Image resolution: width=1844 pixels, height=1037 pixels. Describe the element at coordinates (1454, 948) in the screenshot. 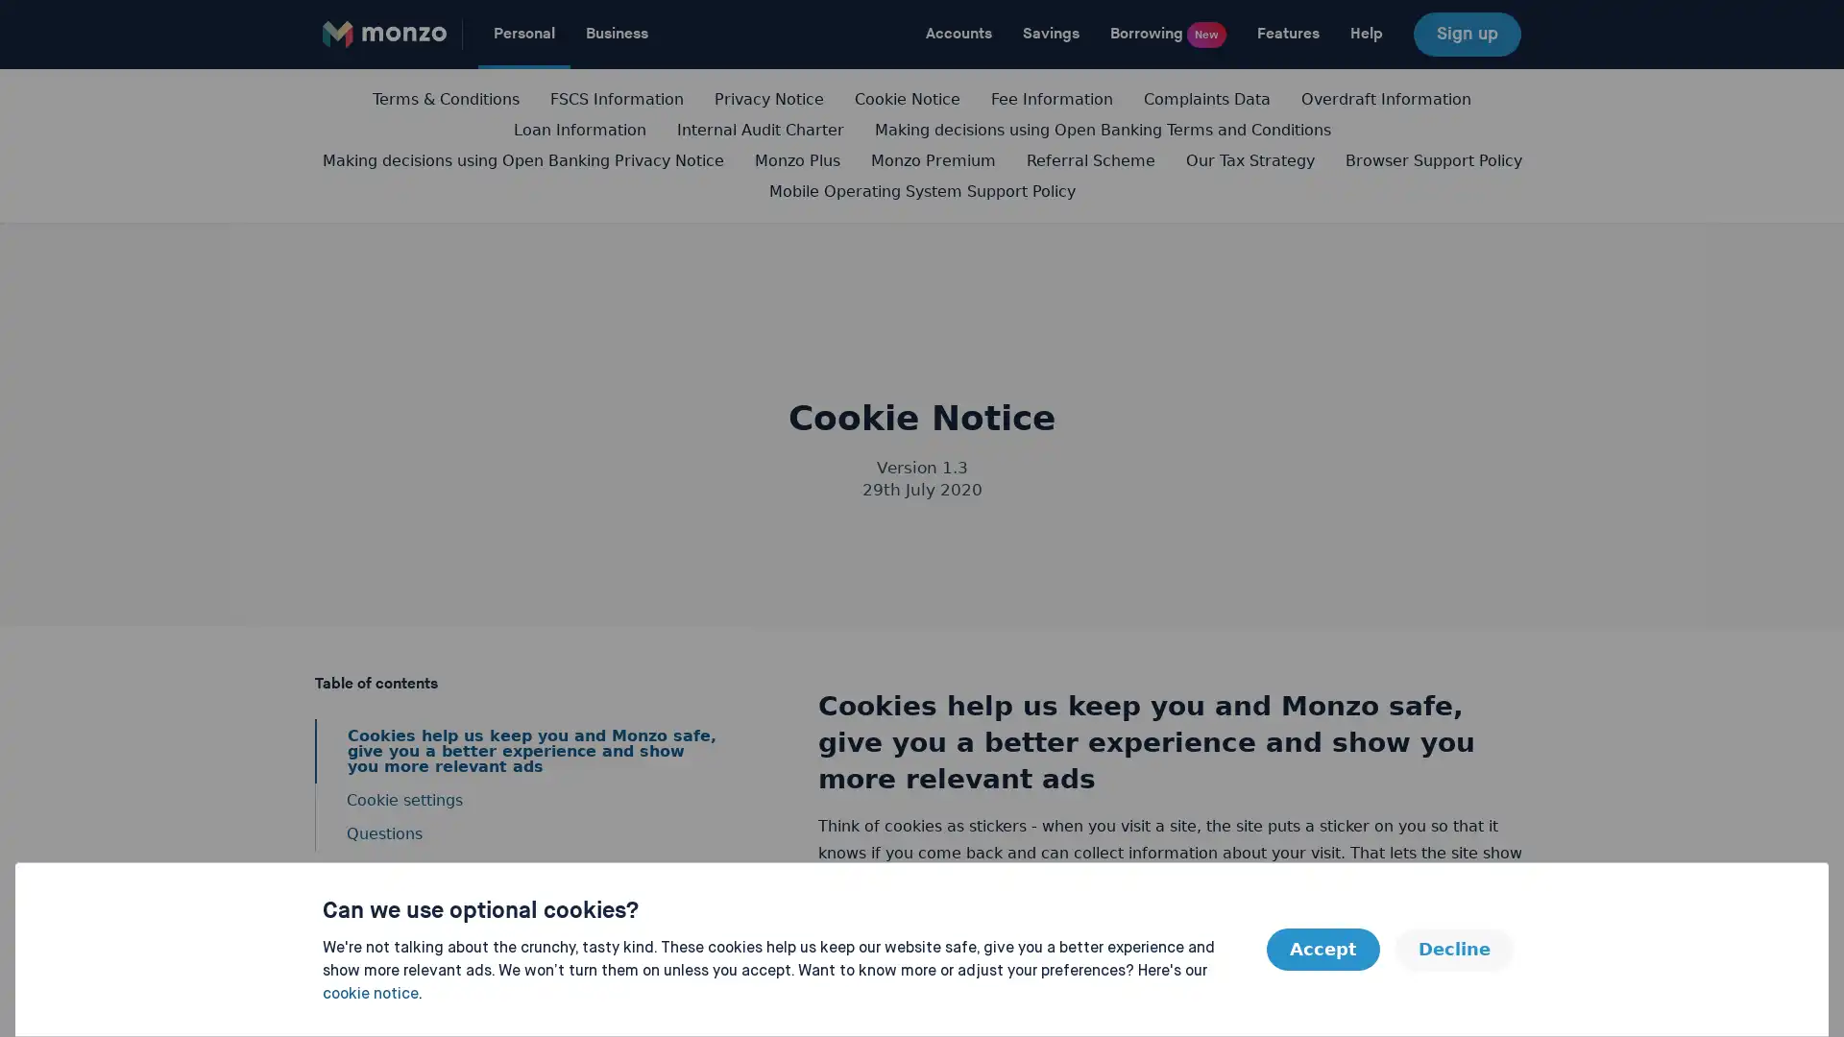

I see `Decline` at that location.